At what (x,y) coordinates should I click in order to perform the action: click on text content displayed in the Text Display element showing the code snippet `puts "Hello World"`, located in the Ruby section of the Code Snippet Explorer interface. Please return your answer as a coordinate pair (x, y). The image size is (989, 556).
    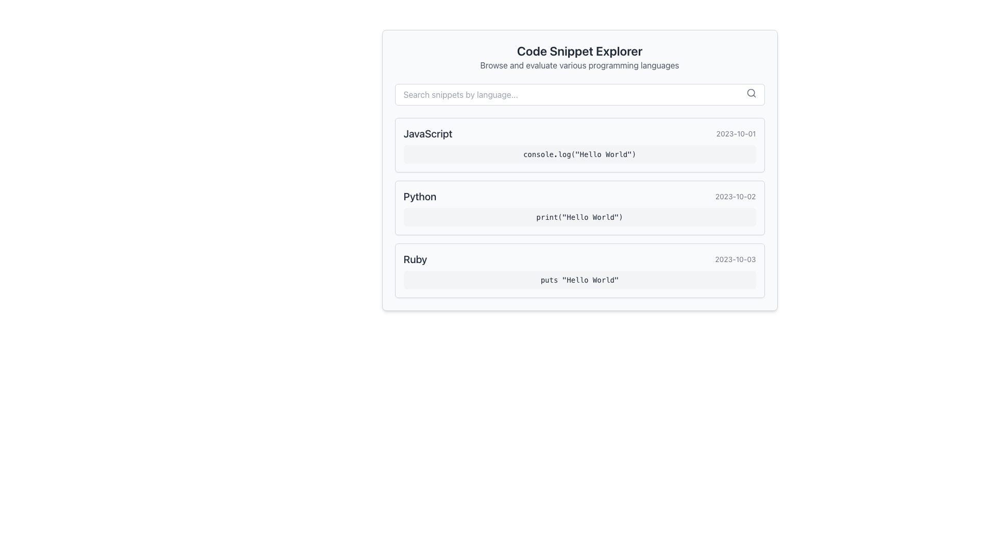
    Looking at the image, I should click on (579, 280).